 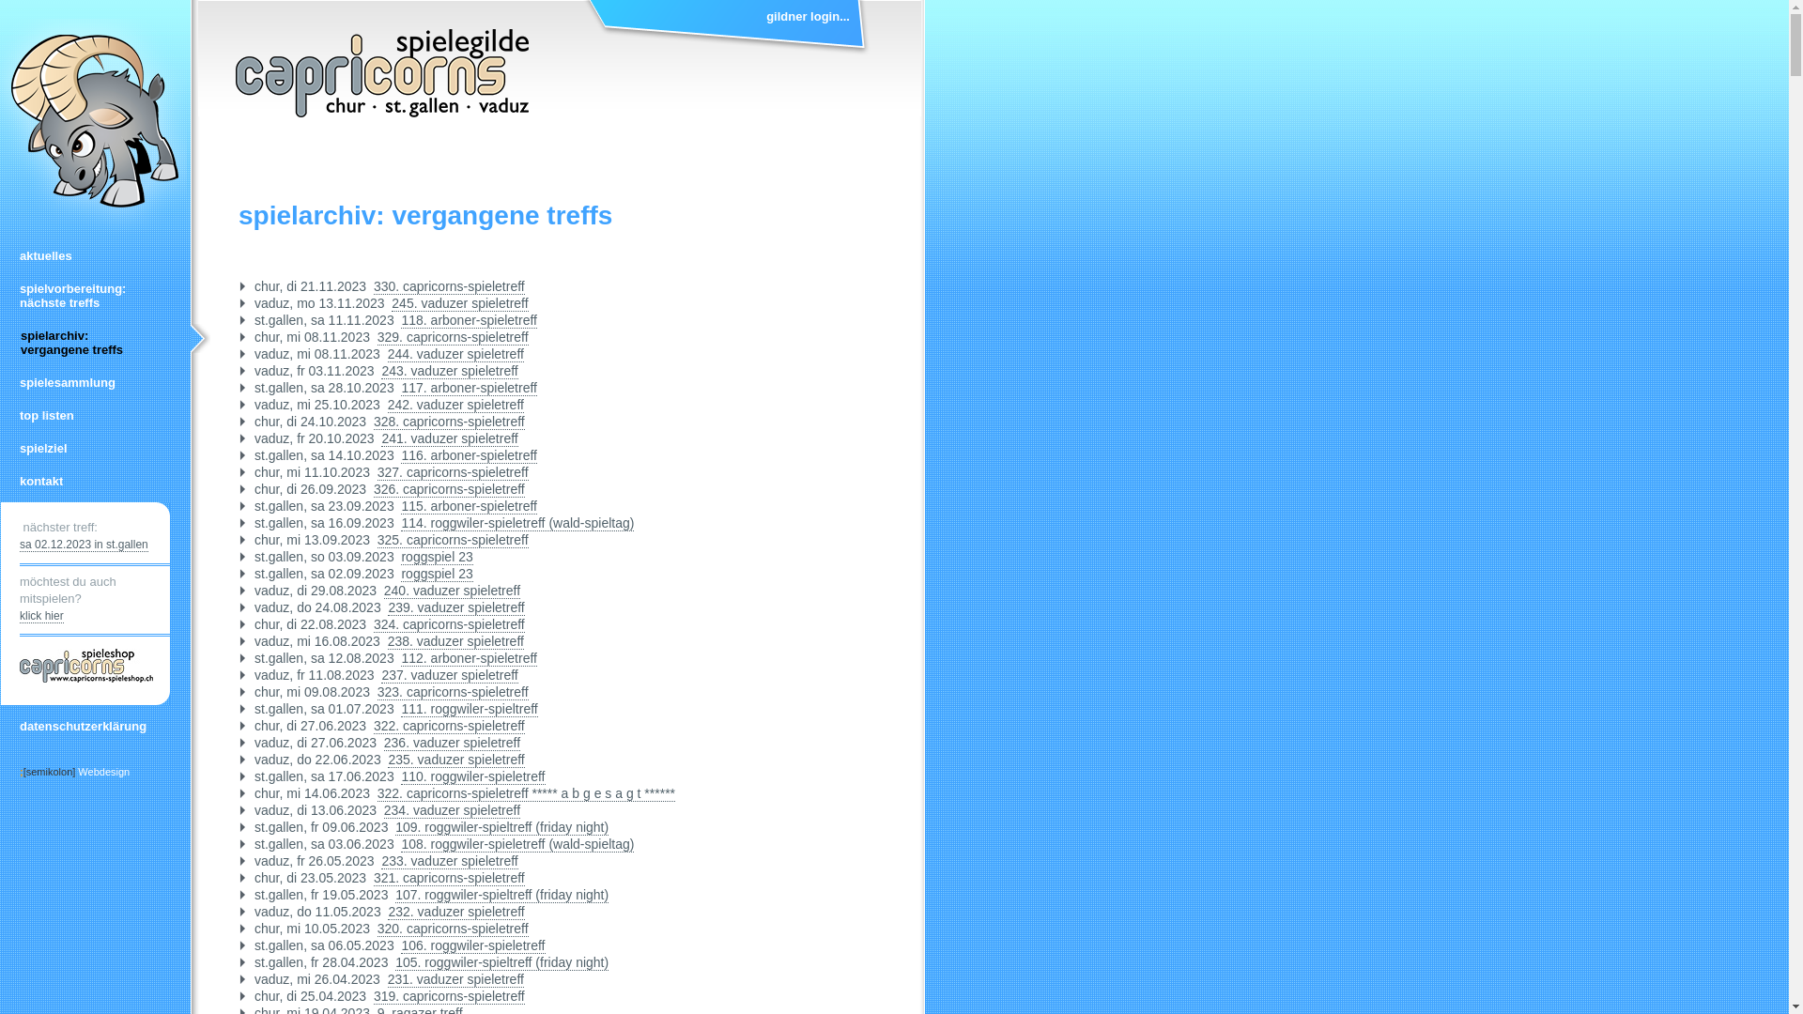 What do you see at coordinates (452, 809) in the screenshot?
I see `'234. vaduzer spieletreff'` at bounding box center [452, 809].